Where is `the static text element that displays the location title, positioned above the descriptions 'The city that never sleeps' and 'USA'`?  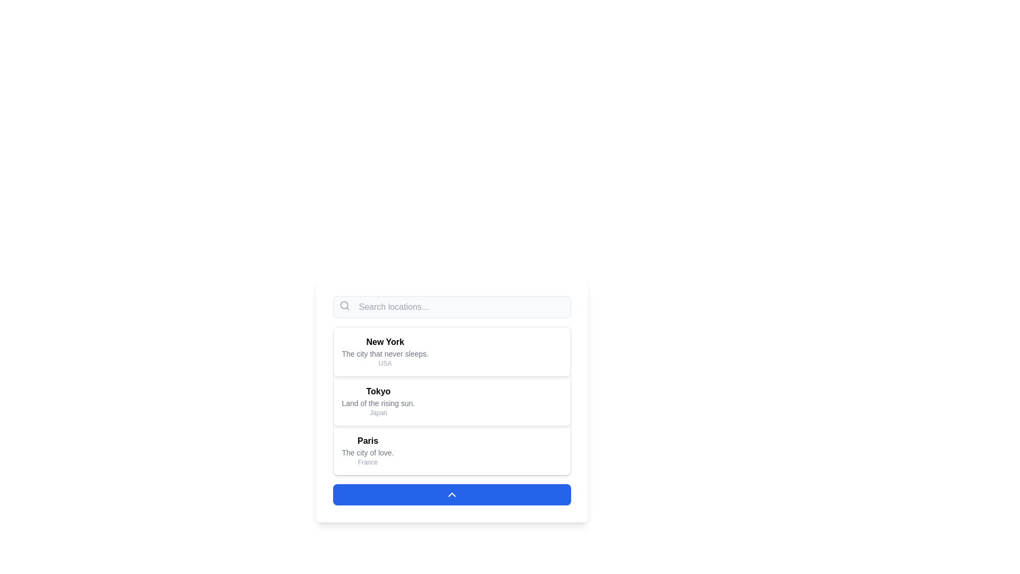 the static text element that displays the location title, positioned above the descriptions 'The city that never sleeps' and 'USA' is located at coordinates (385, 342).